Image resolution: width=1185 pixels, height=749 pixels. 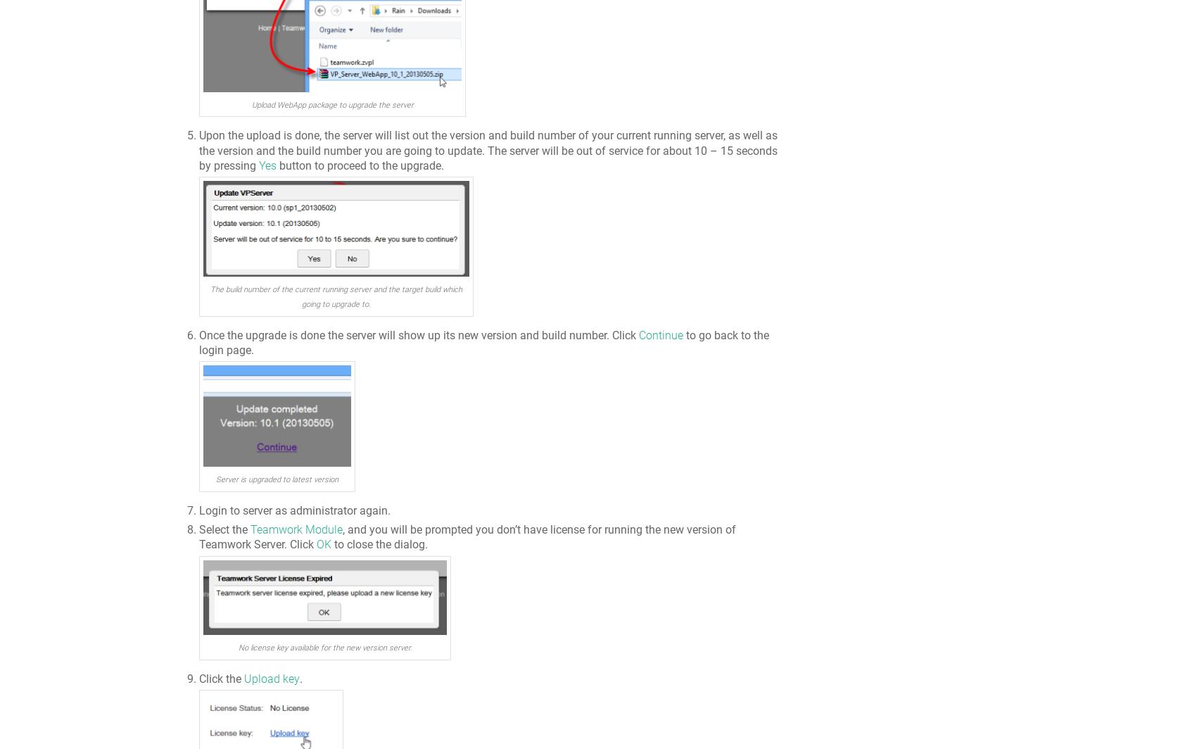 I want to click on 'Yes', so click(x=267, y=165).